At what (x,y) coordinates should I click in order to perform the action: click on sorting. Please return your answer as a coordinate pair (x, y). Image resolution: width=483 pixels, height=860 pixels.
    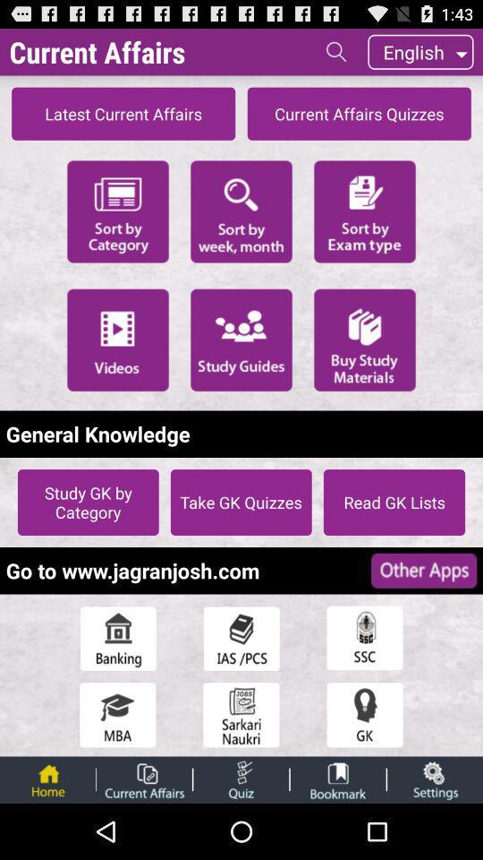
    Looking at the image, I should click on (241, 211).